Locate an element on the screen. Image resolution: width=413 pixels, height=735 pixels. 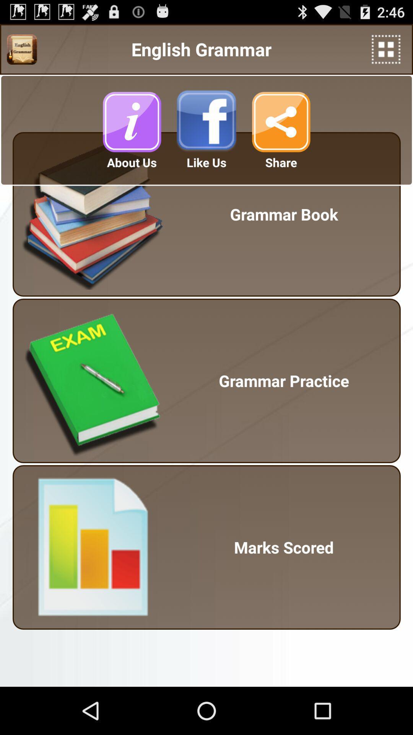
switch menu option is located at coordinates (21, 49).